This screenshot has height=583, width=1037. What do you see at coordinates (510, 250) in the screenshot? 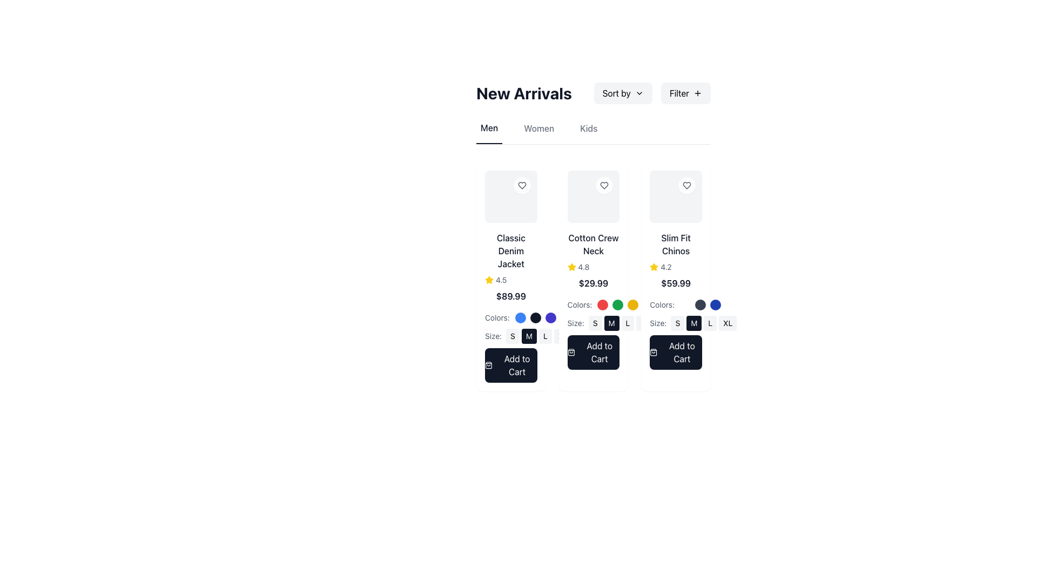
I see `the text label displaying the product name 'Classic Denim Jacket', which is the most prominent text in its product card` at bounding box center [510, 250].